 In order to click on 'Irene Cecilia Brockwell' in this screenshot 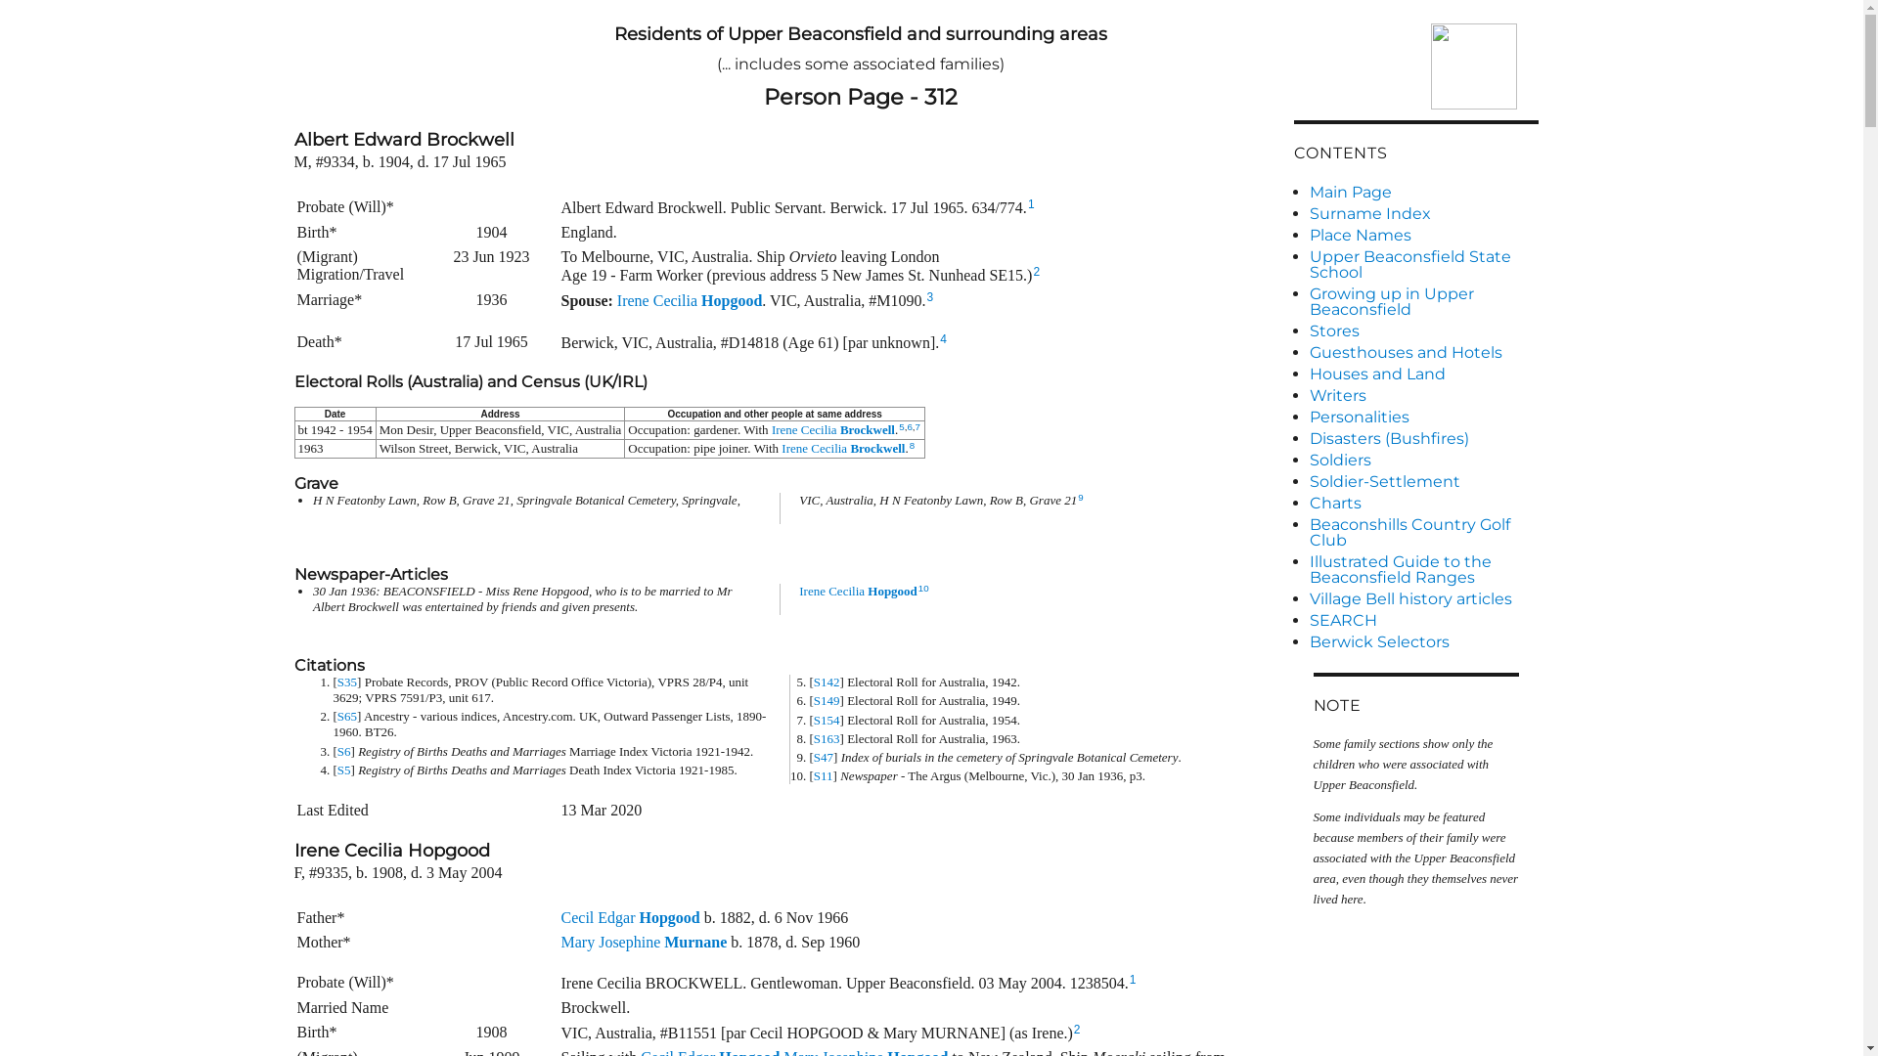, I will do `click(843, 448)`.